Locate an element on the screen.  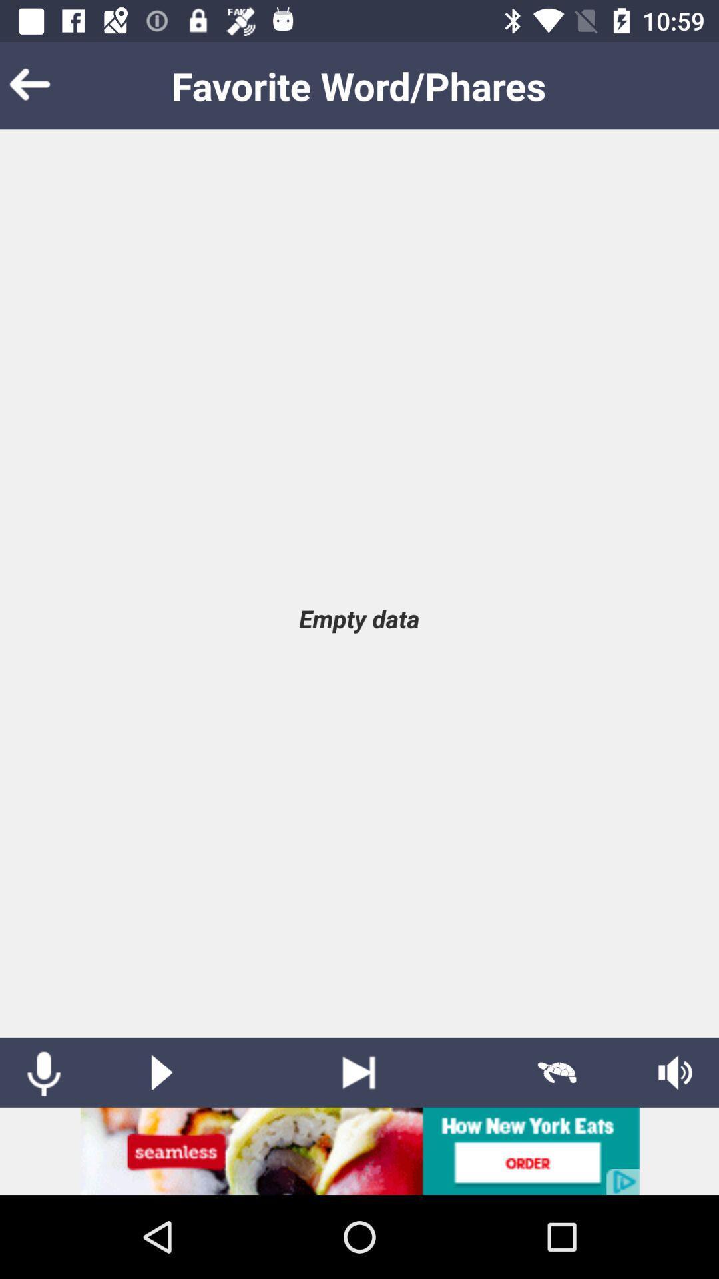
bok putton is located at coordinates (49, 85).